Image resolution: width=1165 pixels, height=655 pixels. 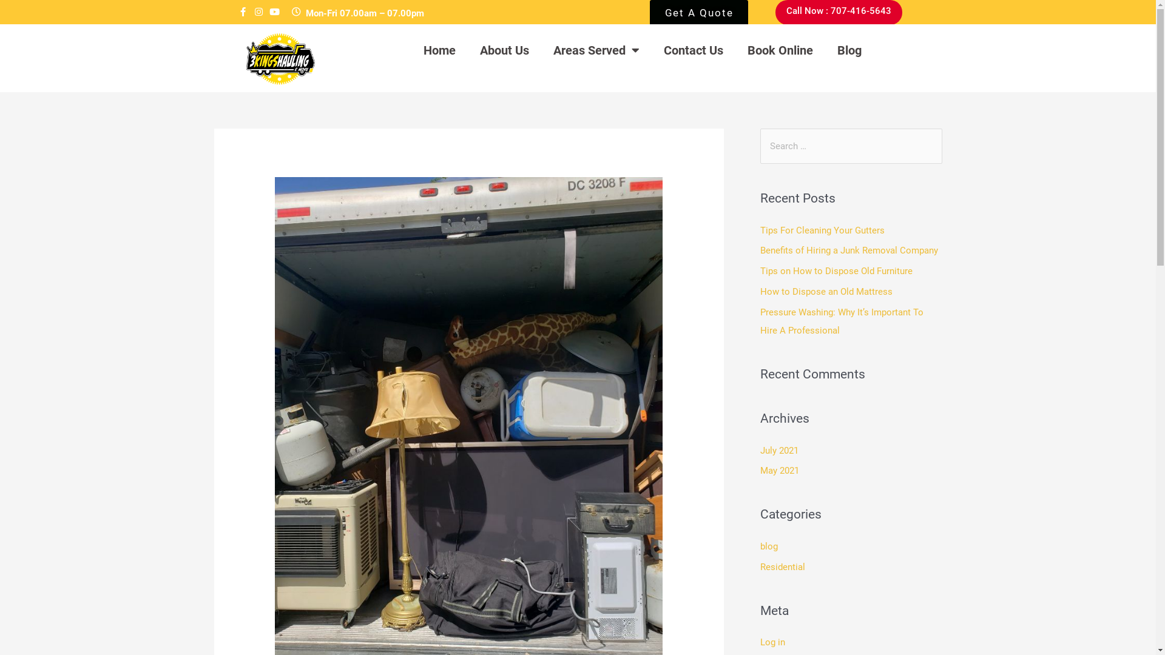 I want to click on 'Areas Served', so click(x=596, y=50).